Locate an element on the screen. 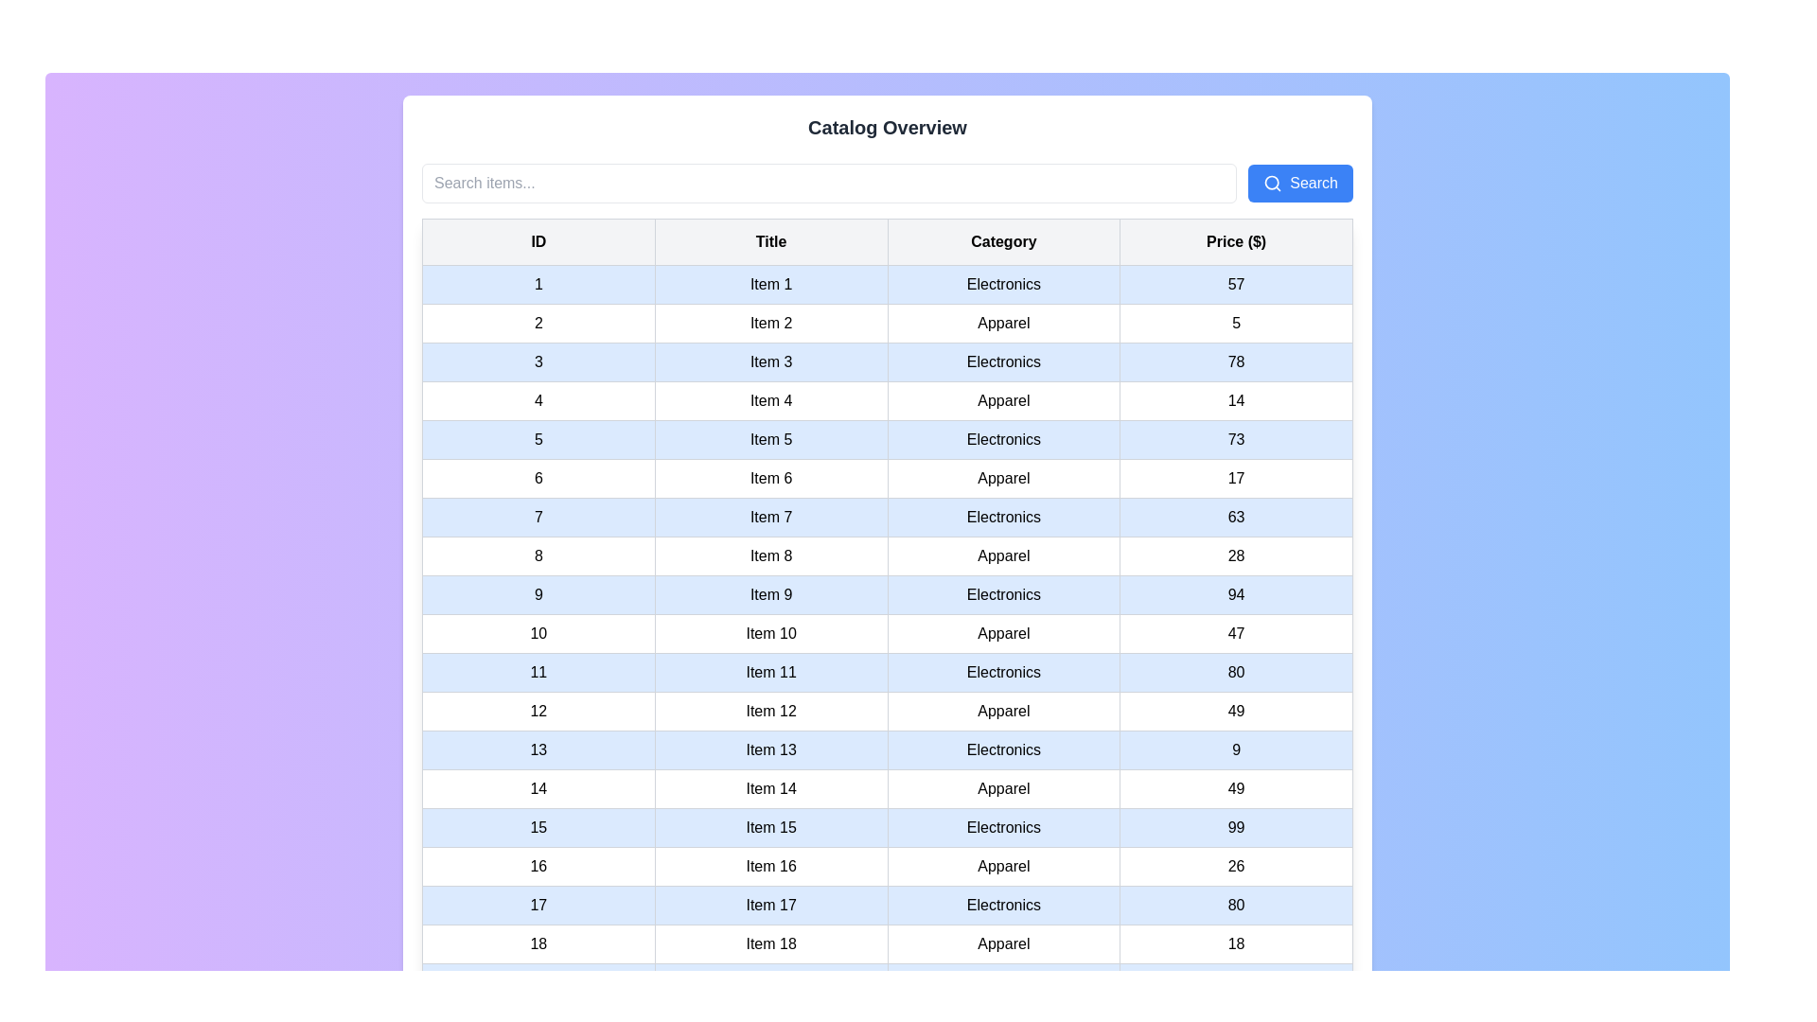  the table cell displaying 'Item 15' in the 15th row under the 'Title' column, which has a light blue background and centered black text is located at coordinates (771, 827).